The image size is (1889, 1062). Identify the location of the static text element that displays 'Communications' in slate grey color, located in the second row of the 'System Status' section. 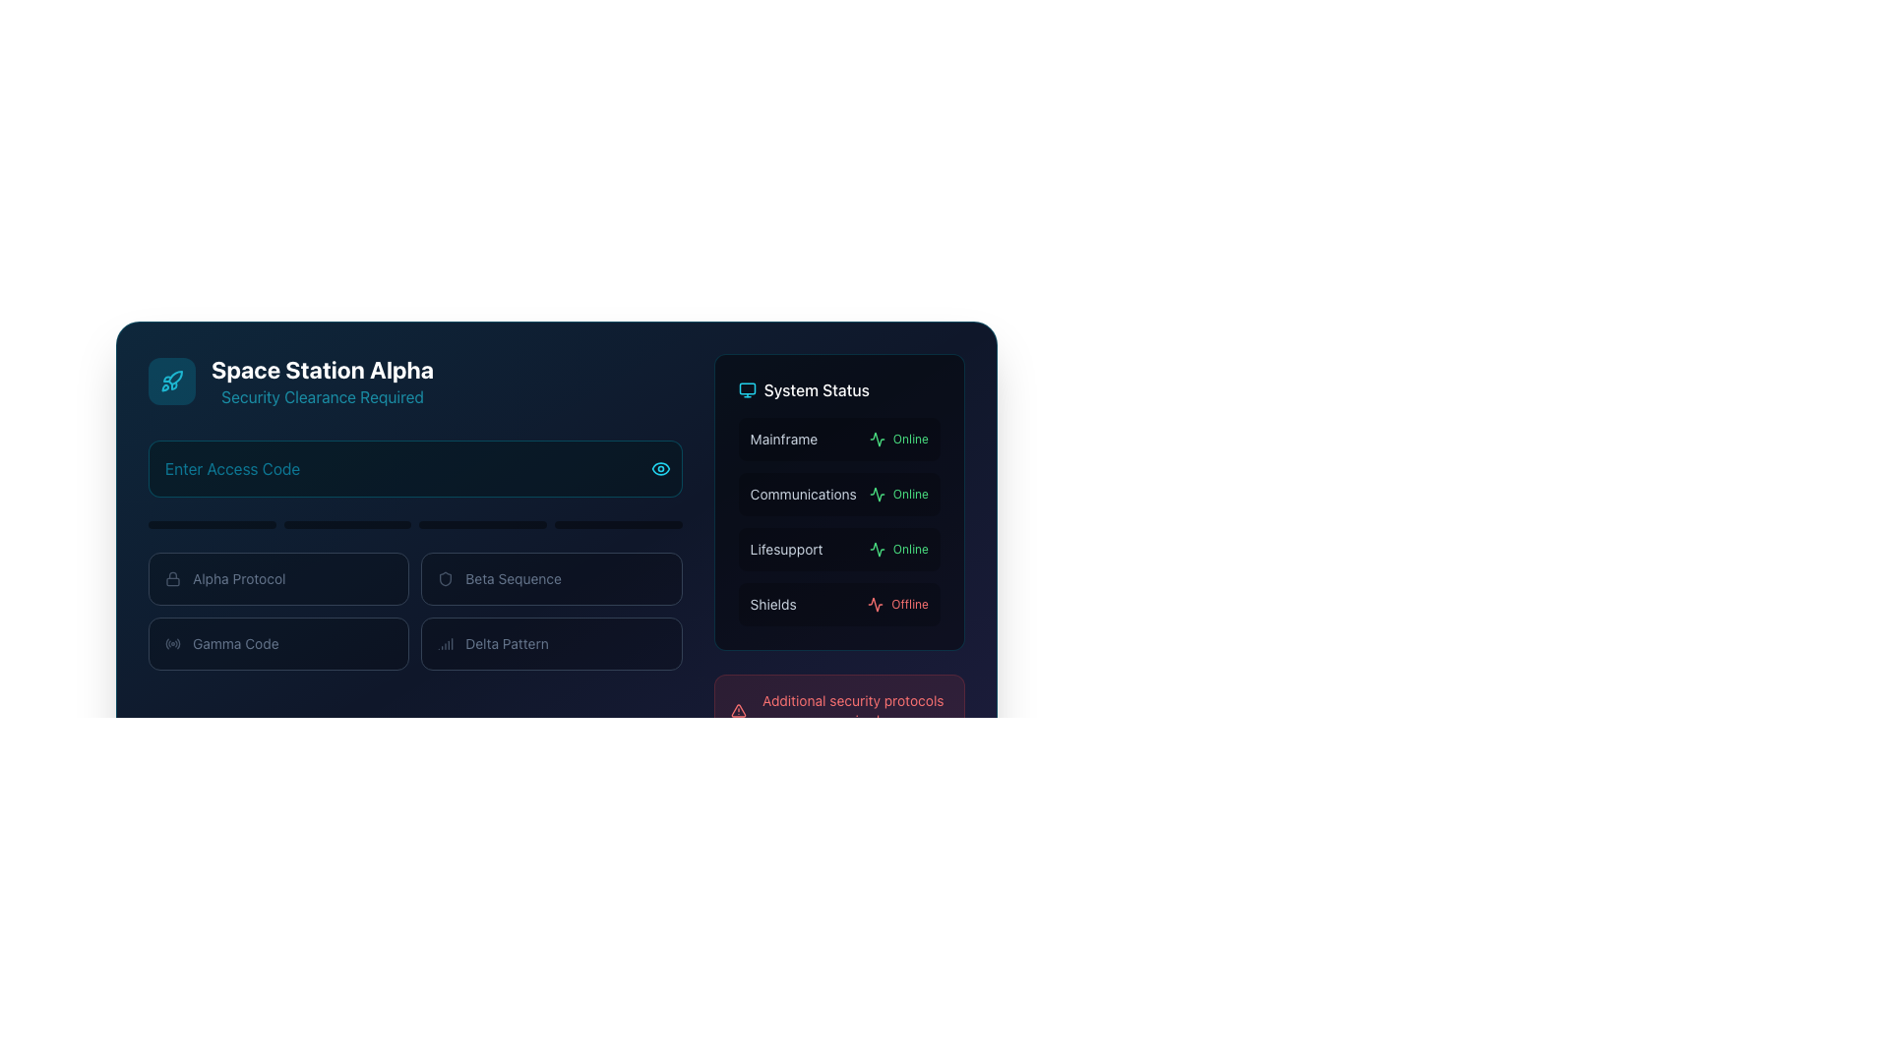
(803, 493).